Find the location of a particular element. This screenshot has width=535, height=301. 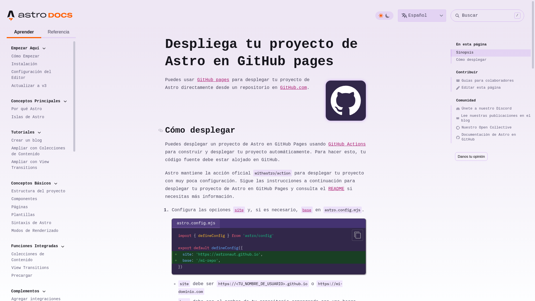

'Precargar' is located at coordinates (39, 275).